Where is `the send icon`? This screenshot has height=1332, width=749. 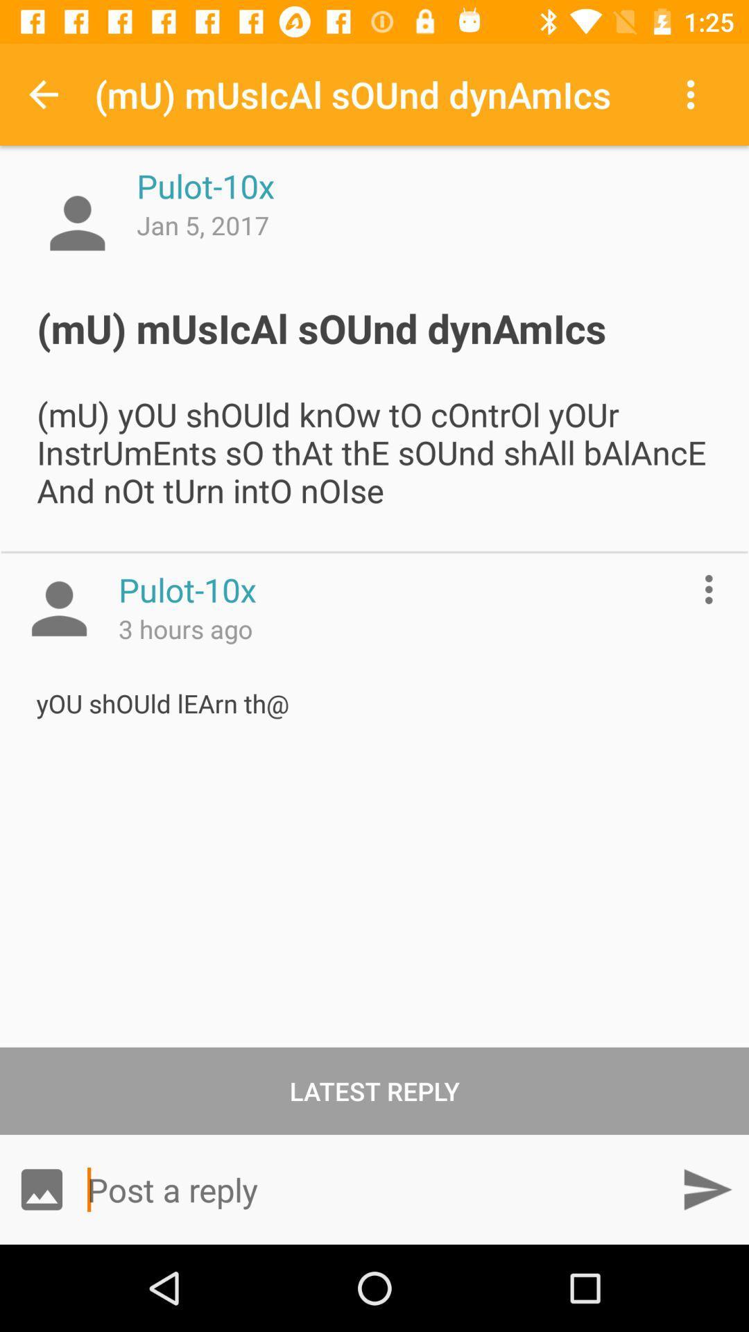 the send icon is located at coordinates (707, 1188).